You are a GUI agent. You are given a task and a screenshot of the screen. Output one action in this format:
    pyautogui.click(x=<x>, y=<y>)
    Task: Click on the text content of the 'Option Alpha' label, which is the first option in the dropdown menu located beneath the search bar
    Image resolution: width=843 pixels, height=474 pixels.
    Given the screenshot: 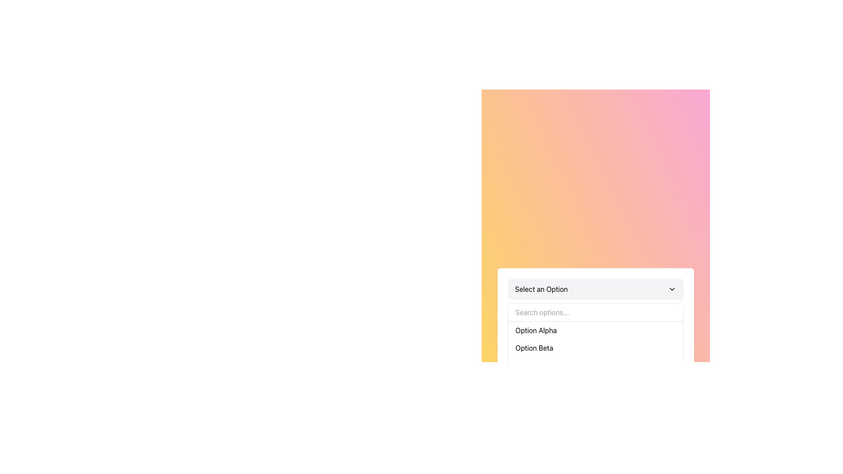 What is the action you would take?
    pyautogui.click(x=536, y=330)
    